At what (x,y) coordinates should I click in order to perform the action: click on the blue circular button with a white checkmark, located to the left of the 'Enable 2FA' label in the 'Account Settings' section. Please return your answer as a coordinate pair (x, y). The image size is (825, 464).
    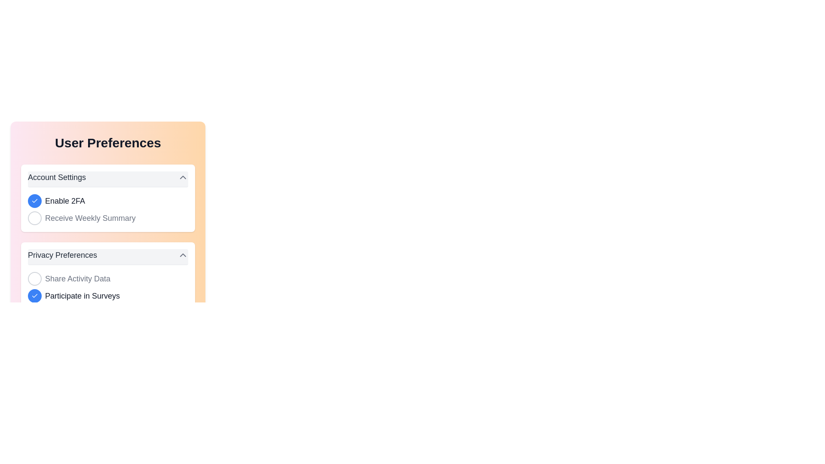
    Looking at the image, I should click on (34, 201).